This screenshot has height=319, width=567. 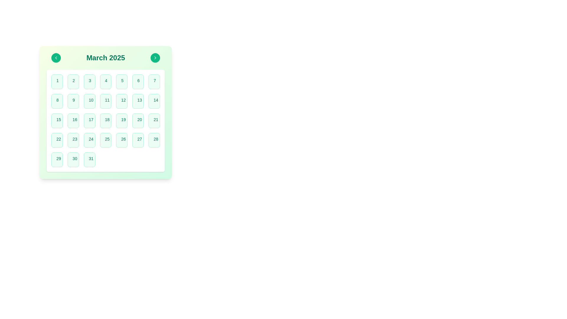 What do you see at coordinates (89, 81) in the screenshot?
I see `the static text element displaying the number '3' in a bold green font, which is located in the first row and third column of the calendar grid` at bounding box center [89, 81].